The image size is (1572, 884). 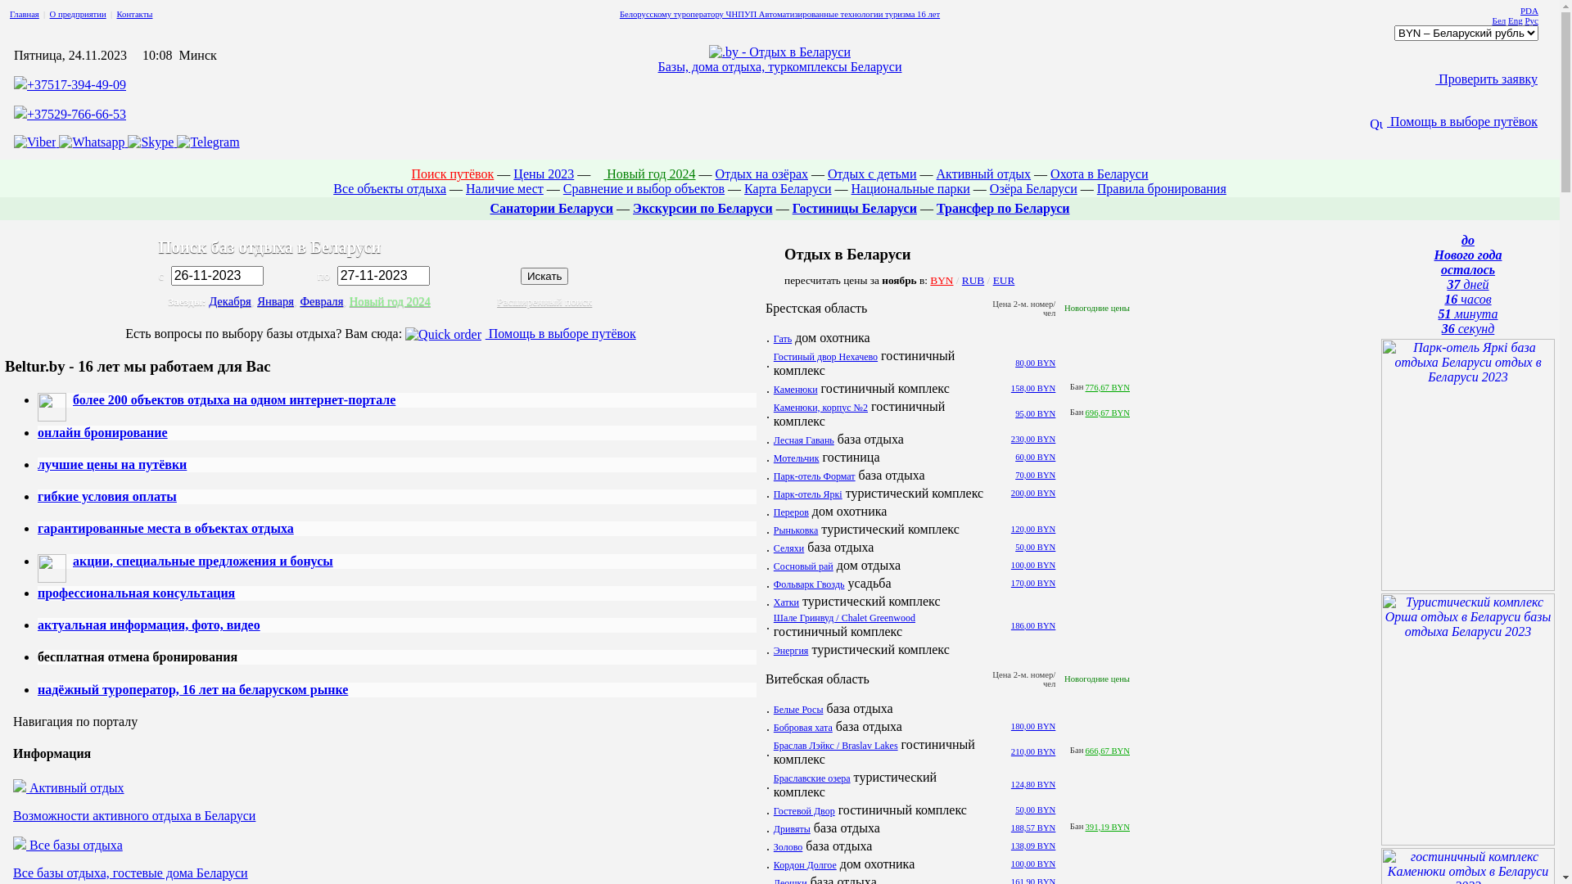 What do you see at coordinates (1032, 582) in the screenshot?
I see `'170,00 BYN'` at bounding box center [1032, 582].